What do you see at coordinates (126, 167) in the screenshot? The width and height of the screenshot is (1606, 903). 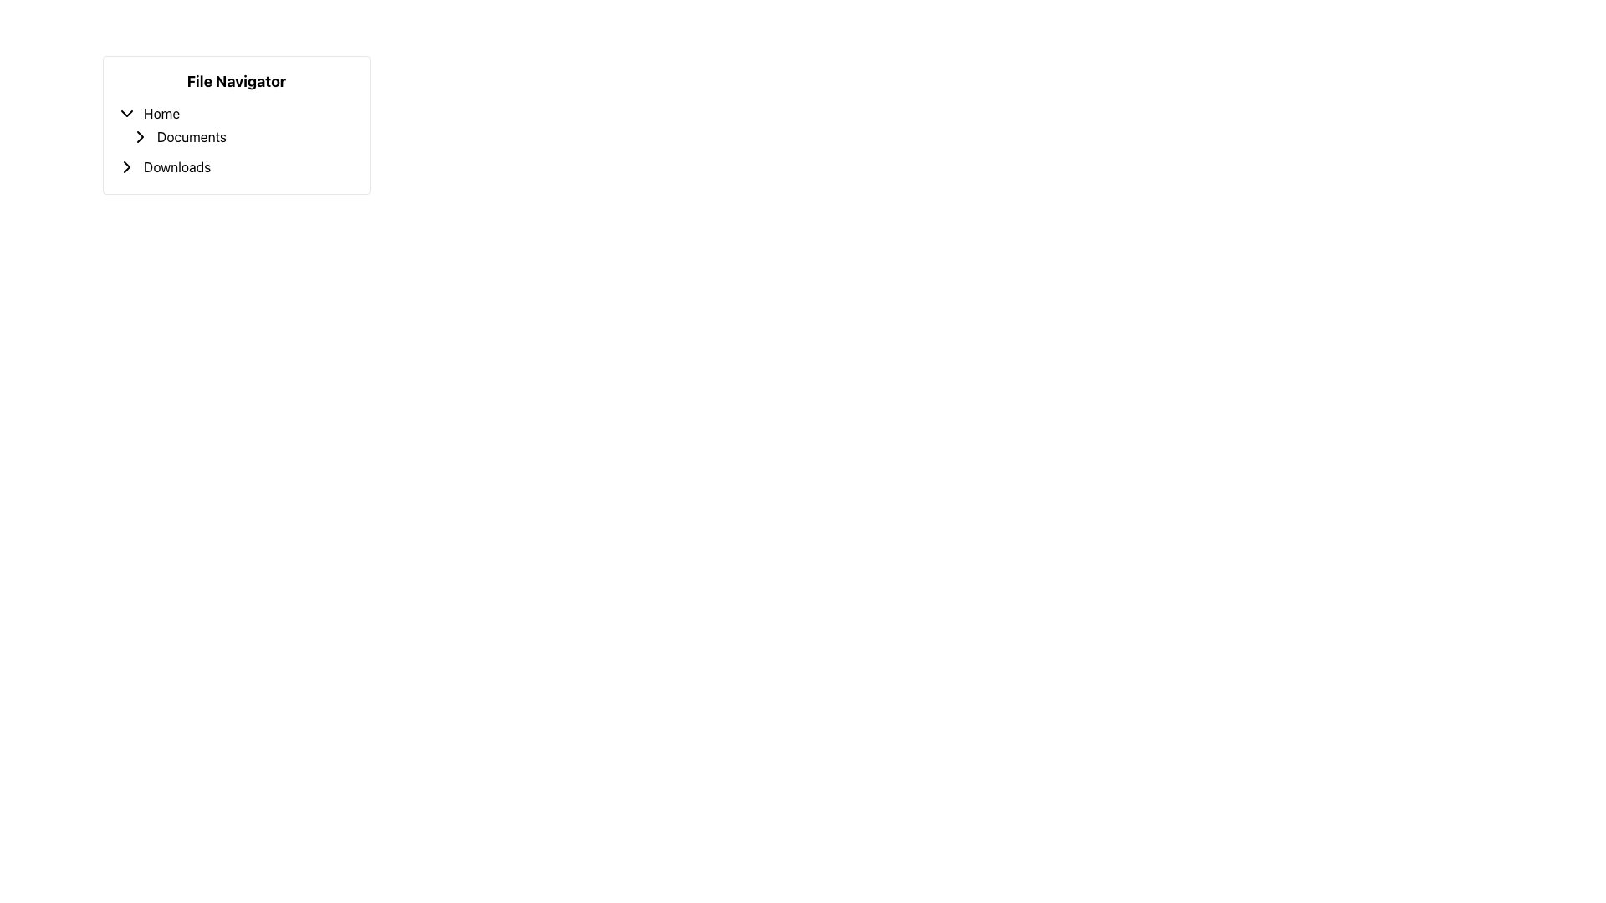 I see `the rightward-pointing chevron arrow icon located to the left of the 'Downloads' text in the hierarchical file navigation interface` at bounding box center [126, 167].